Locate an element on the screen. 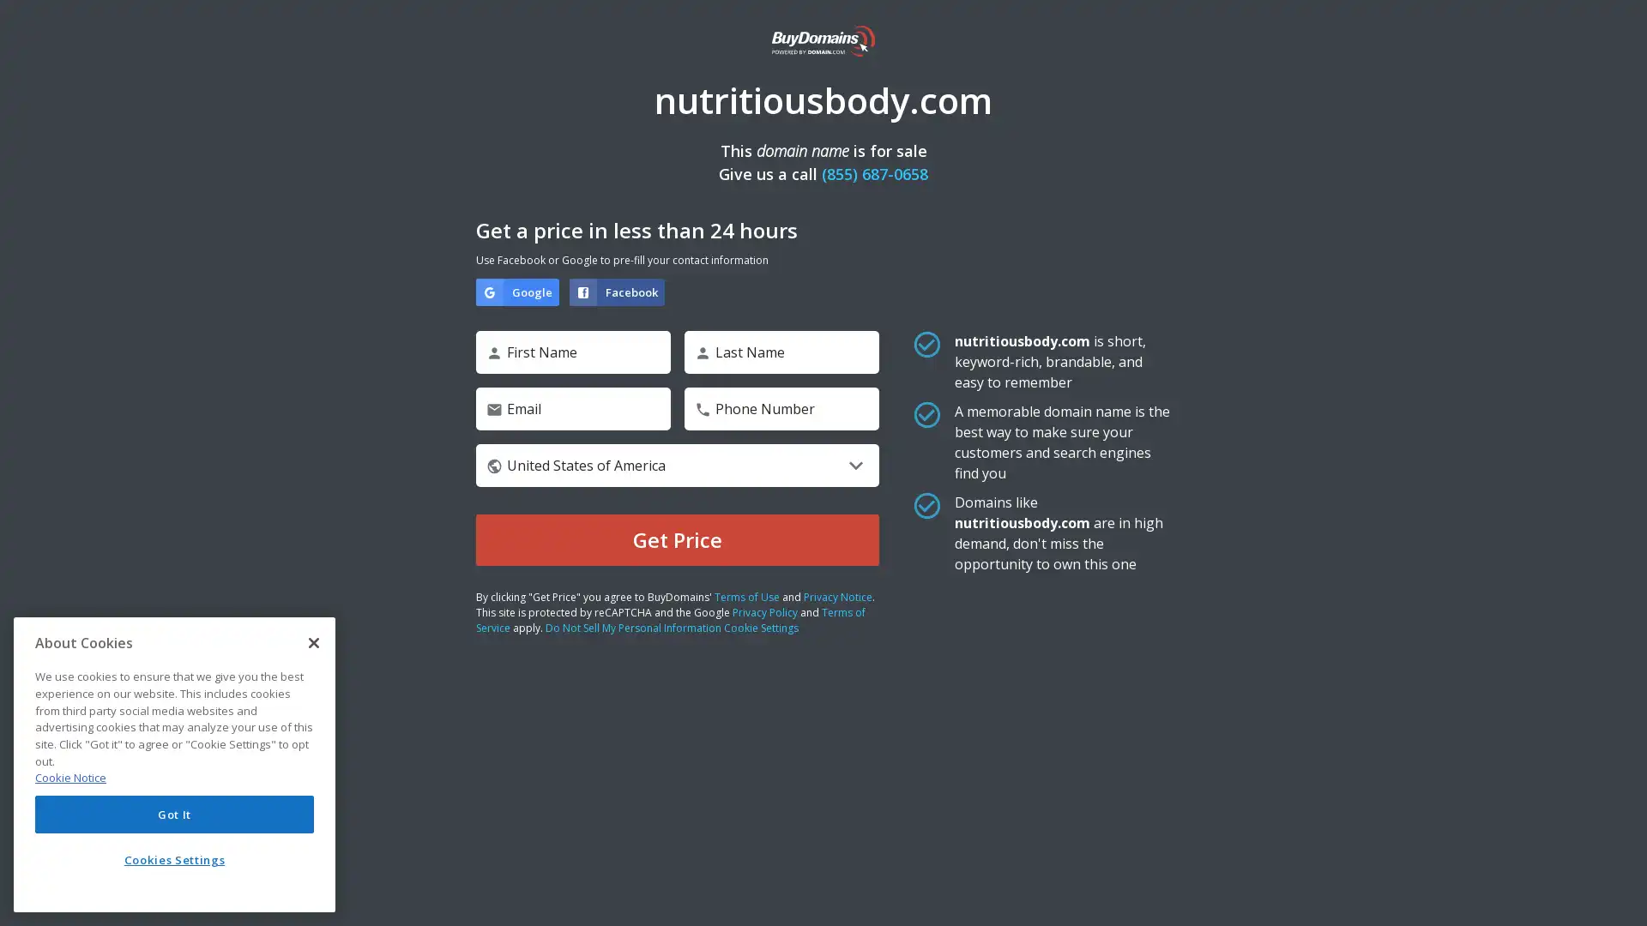 The image size is (1647, 926). Explore your accessibility options is located at coordinates (1618, 895).